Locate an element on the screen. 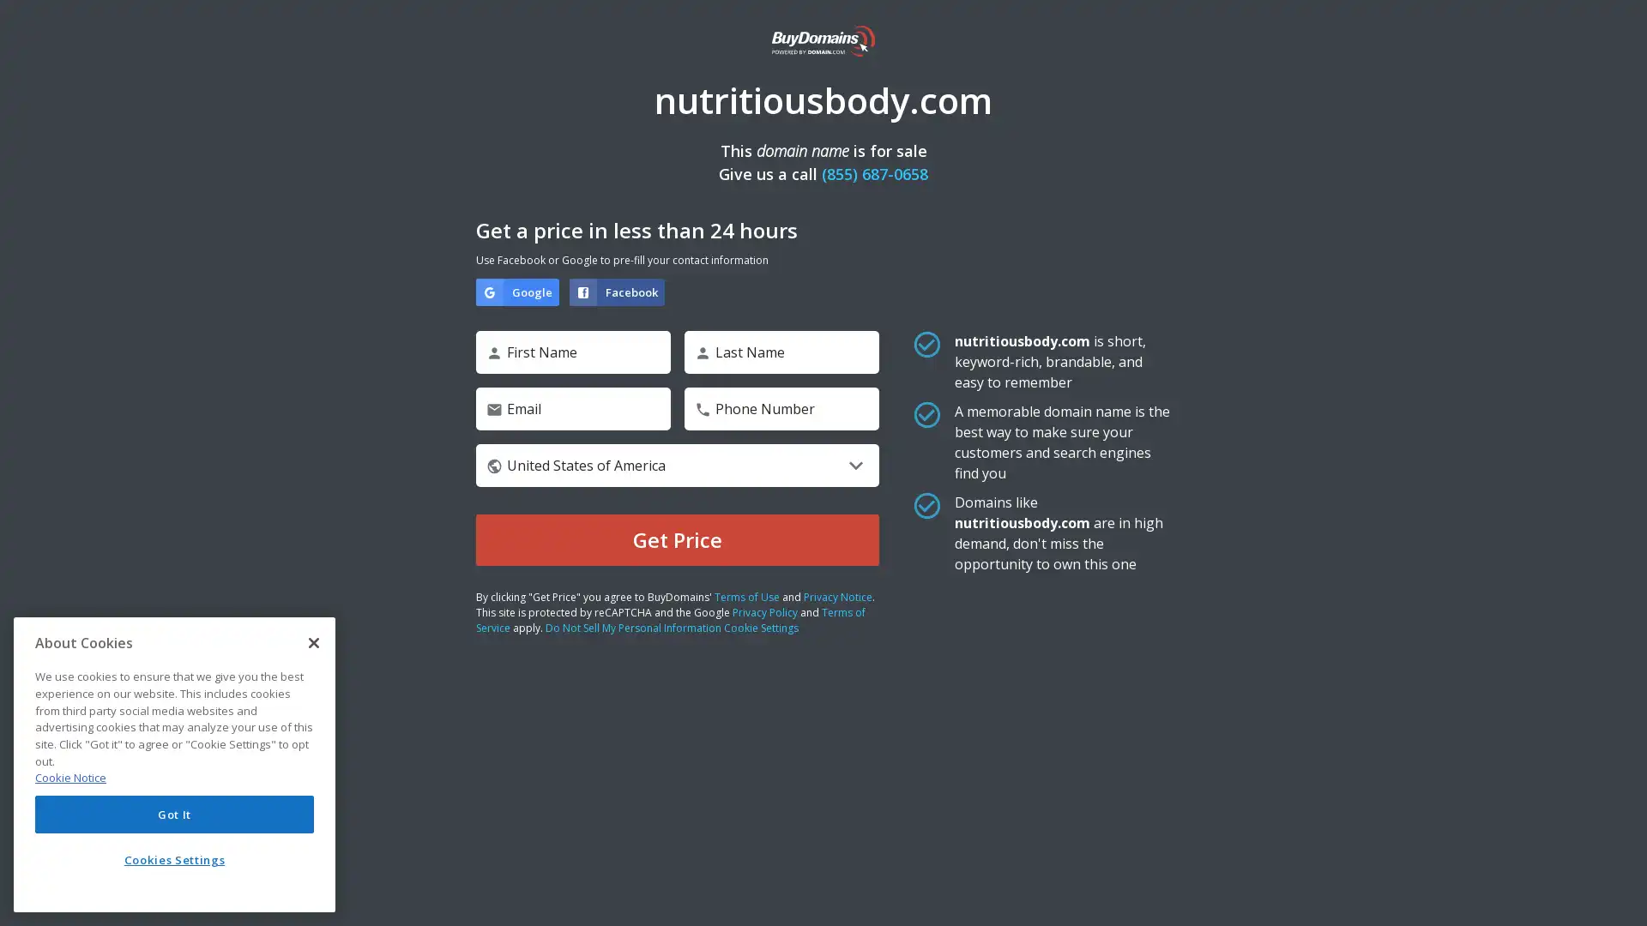 The image size is (1647, 926). Explore your accessibility options is located at coordinates (1618, 895).